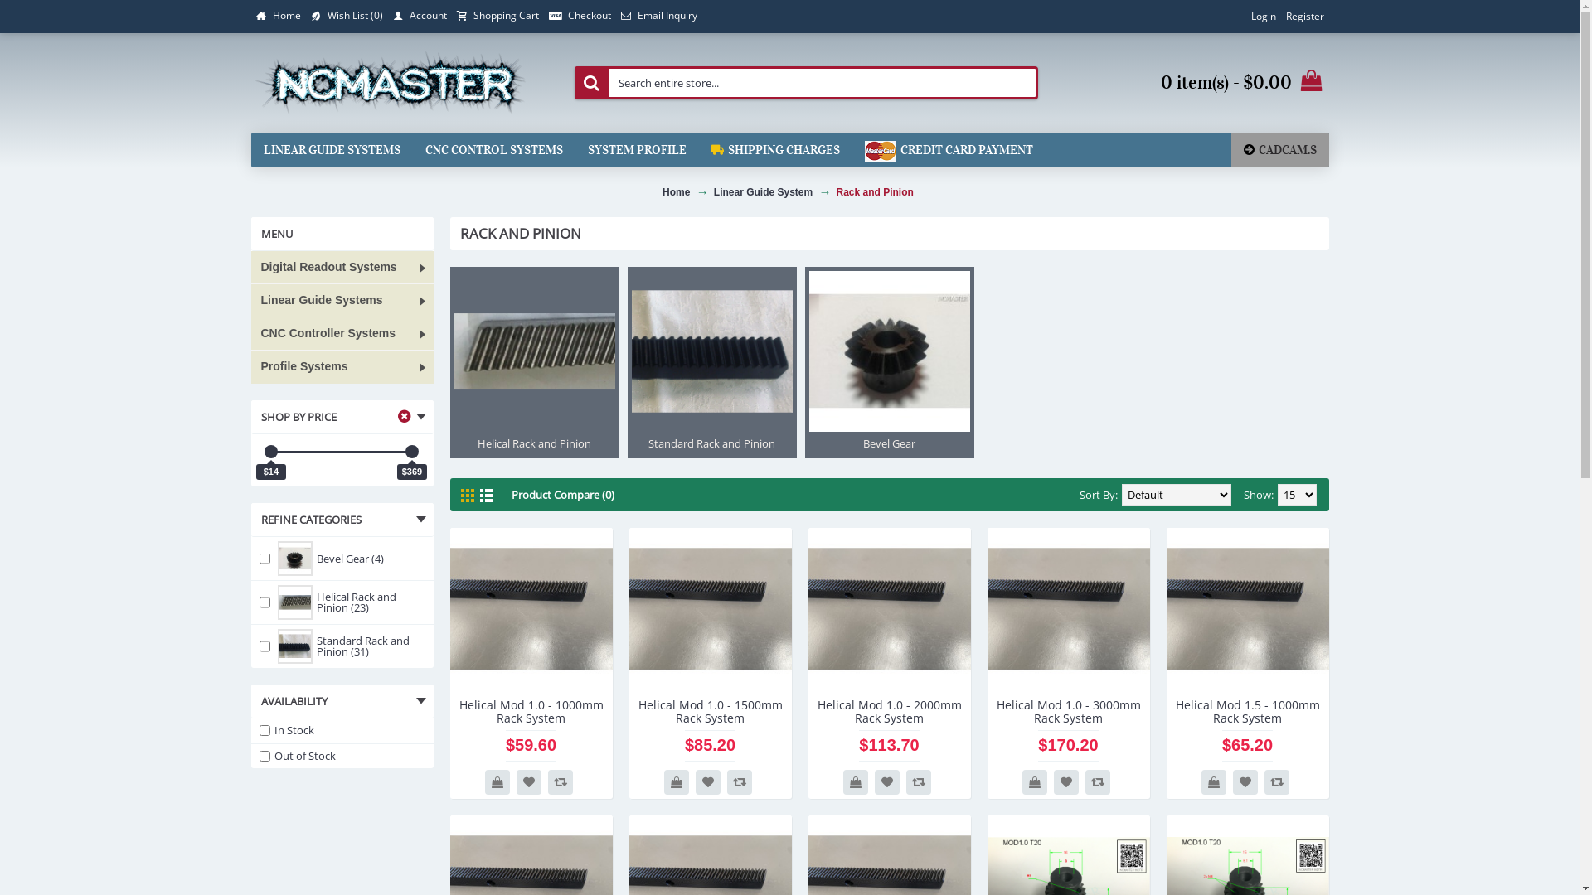 The image size is (1592, 895). Describe the element at coordinates (496, 16) in the screenshot. I see `'Shopping Cart'` at that location.